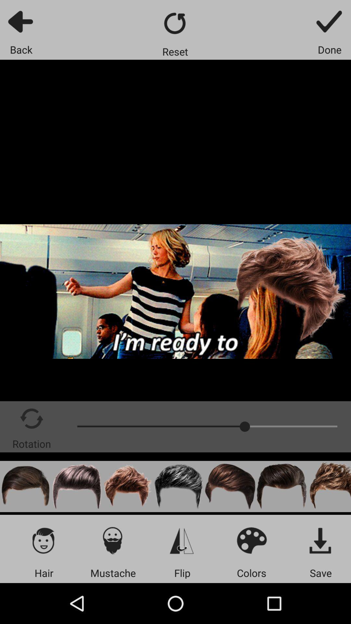 The image size is (351, 624). What do you see at coordinates (330, 21) in the screenshot?
I see `the check icon` at bounding box center [330, 21].